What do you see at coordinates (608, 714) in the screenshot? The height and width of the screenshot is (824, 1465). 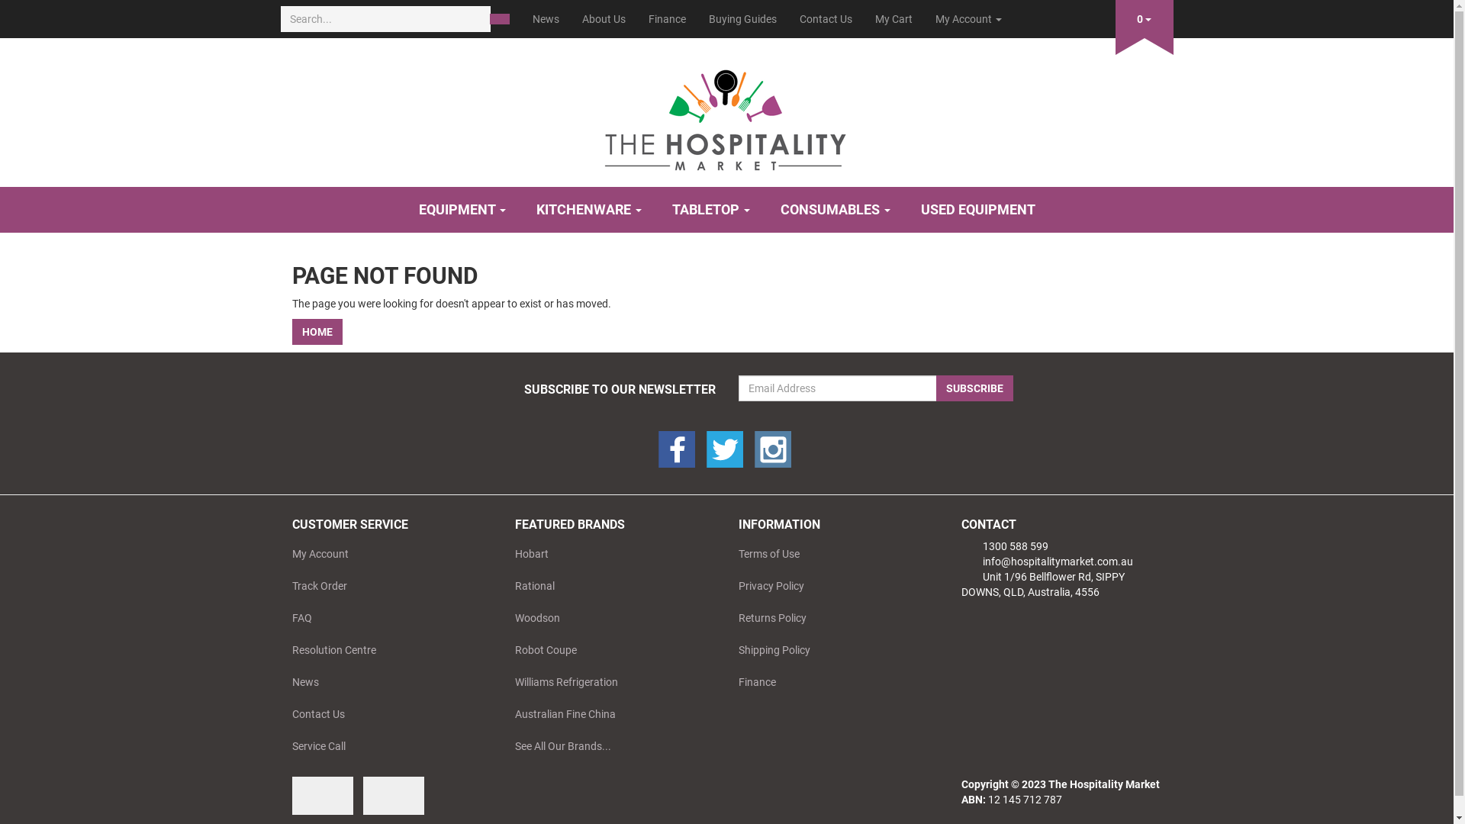 I see `'Australian Fine China'` at bounding box center [608, 714].